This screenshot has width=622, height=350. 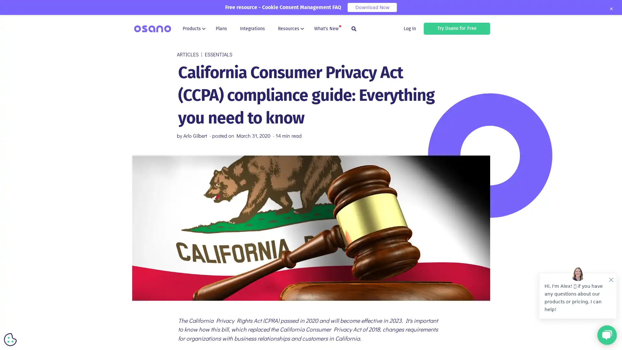 What do you see at coordinates (10, 339) in the screenshot?
I see `Cookie Preferences` at bounding box center [10, 339].